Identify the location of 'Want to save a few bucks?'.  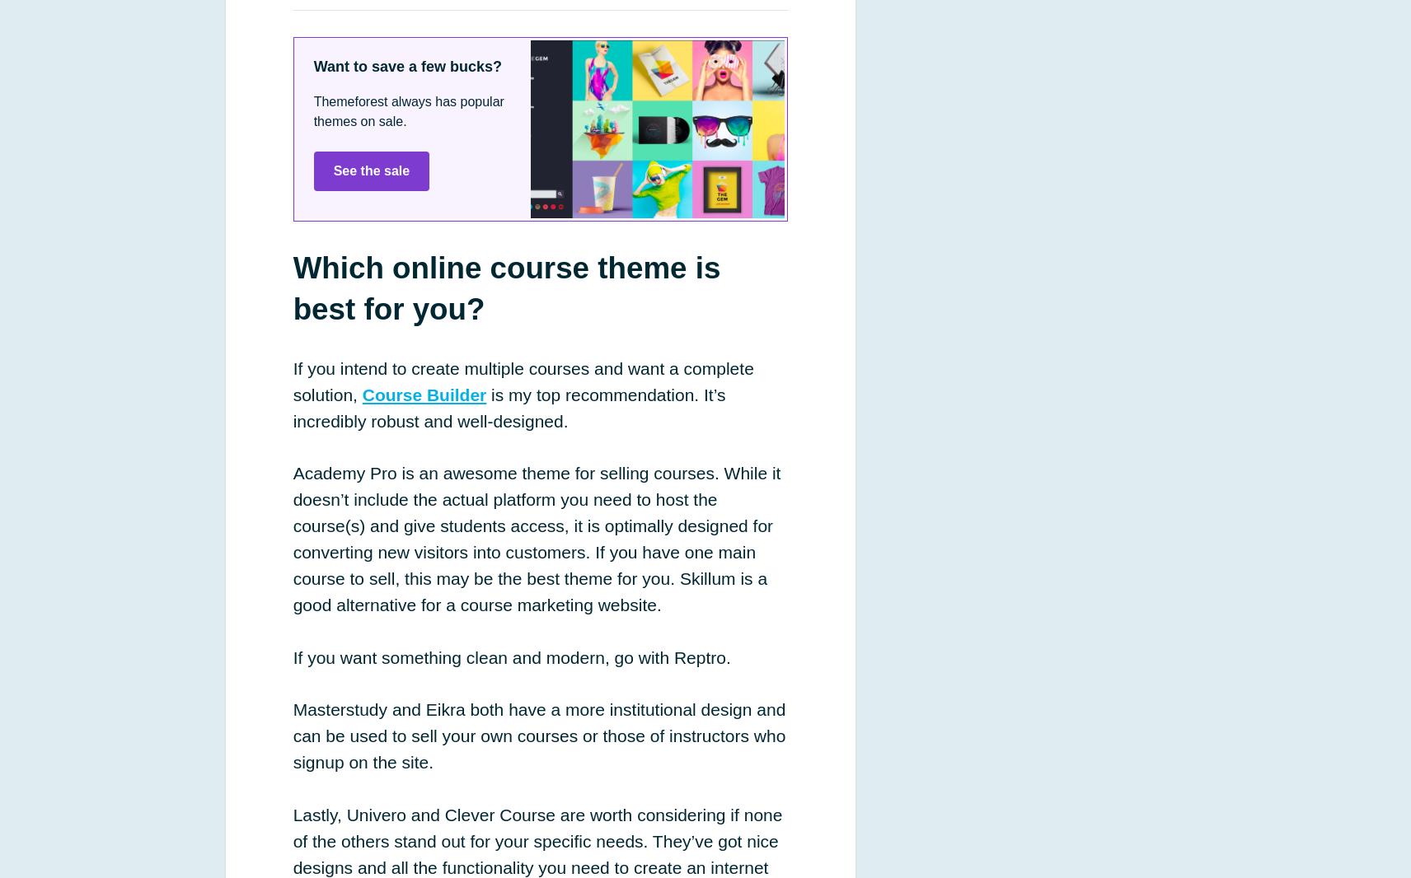
(406, 64).